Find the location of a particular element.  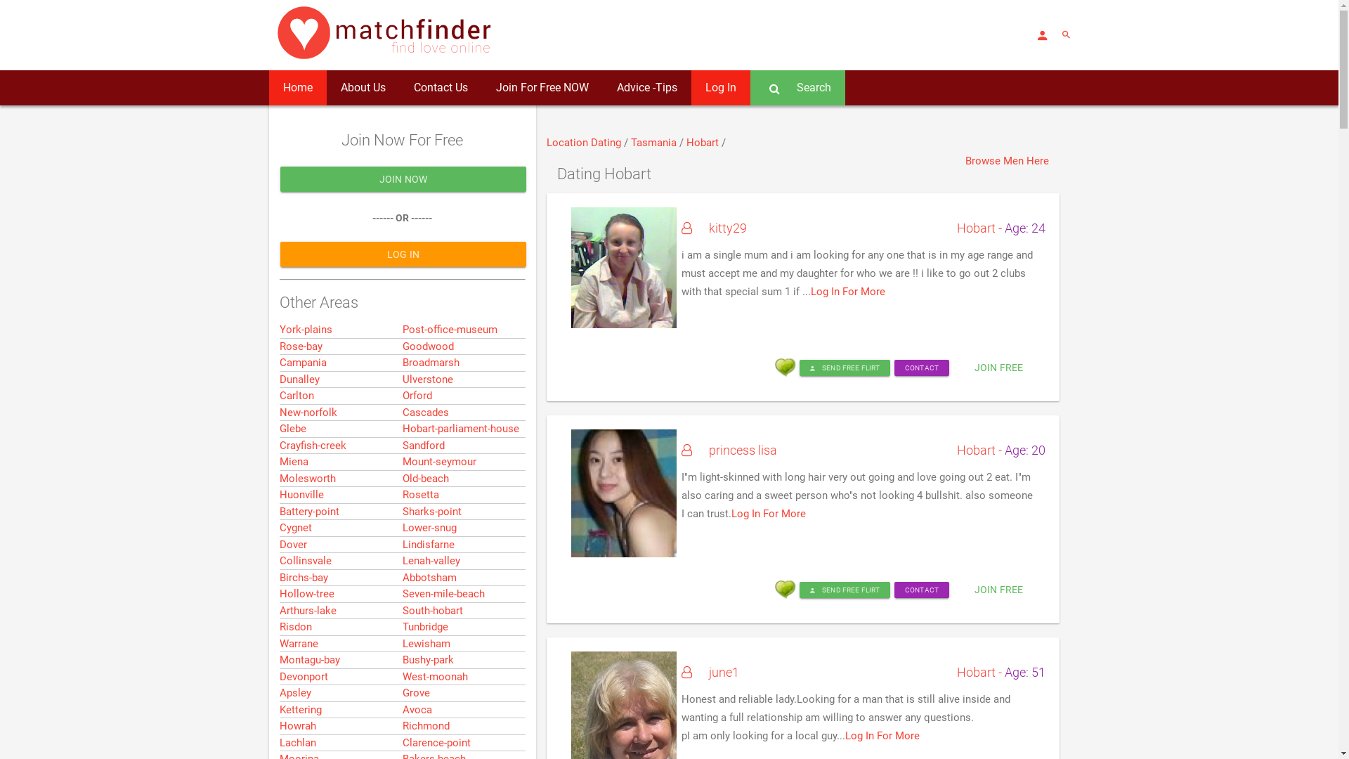

'Search' is located at coordinates (797, 87).